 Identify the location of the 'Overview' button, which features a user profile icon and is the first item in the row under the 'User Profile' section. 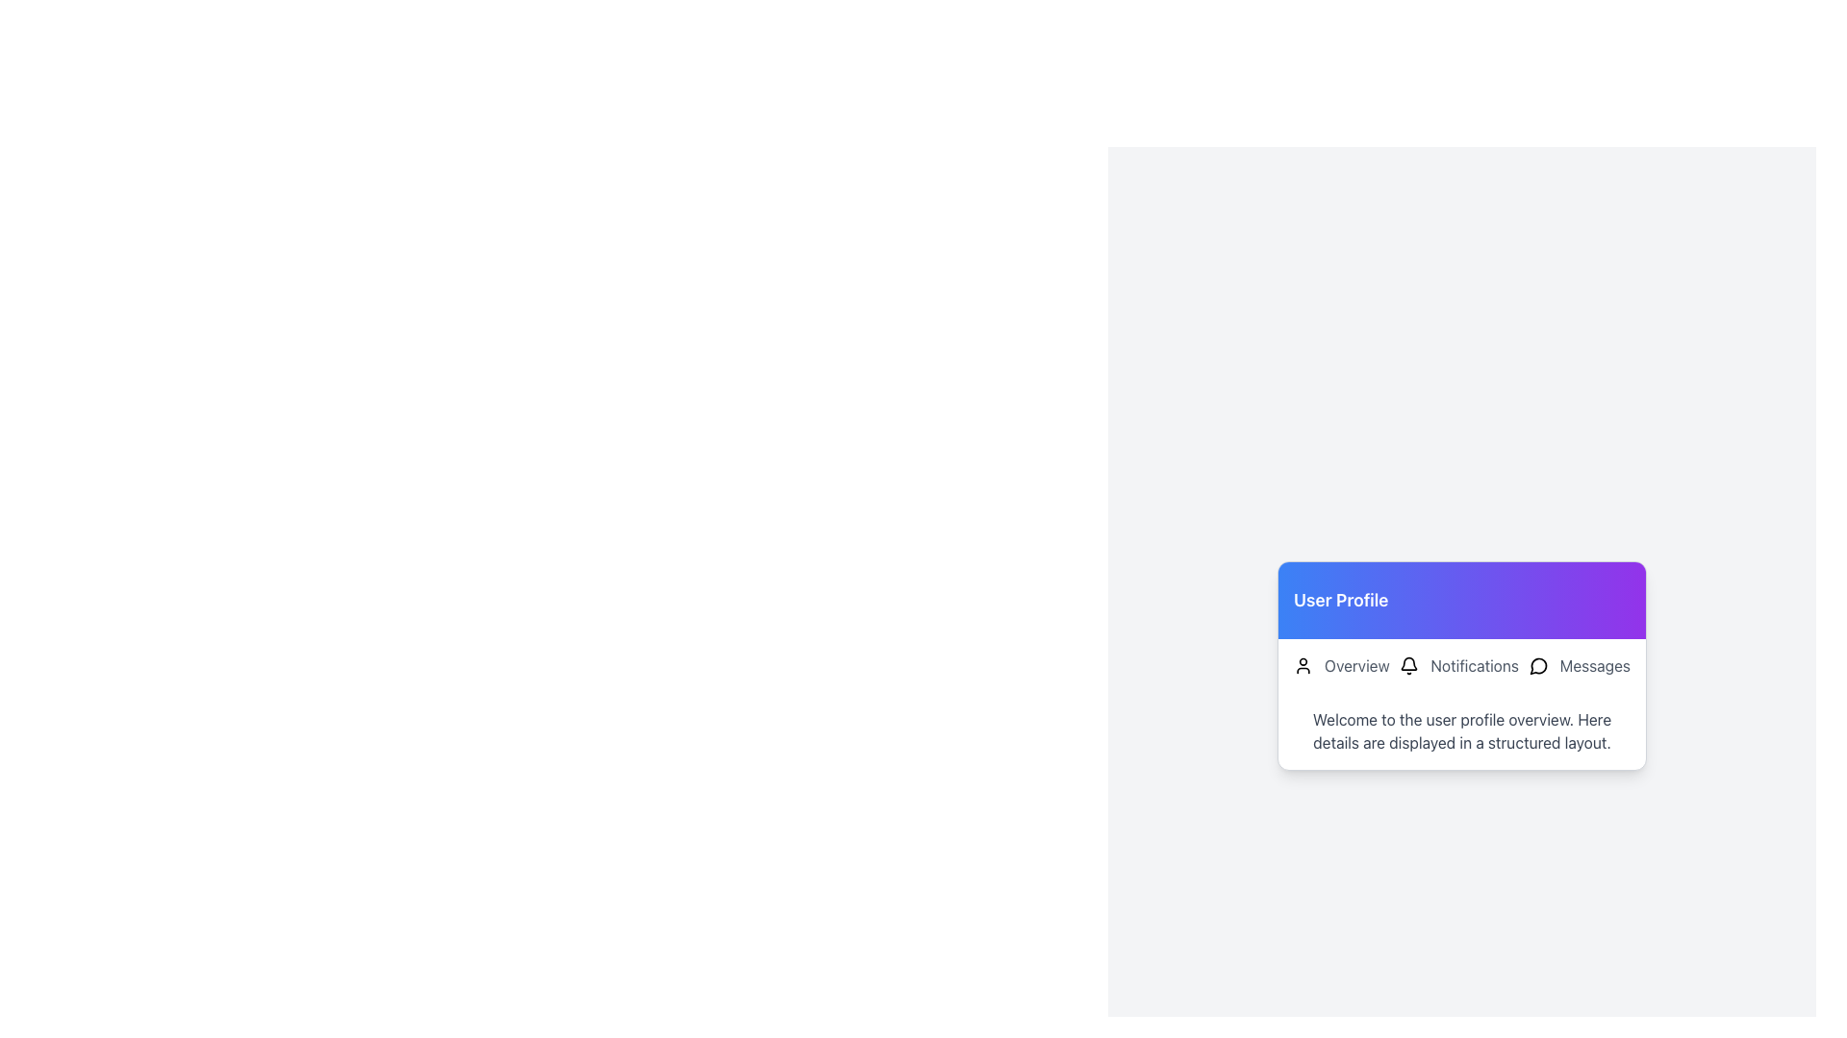
(1339, 665).